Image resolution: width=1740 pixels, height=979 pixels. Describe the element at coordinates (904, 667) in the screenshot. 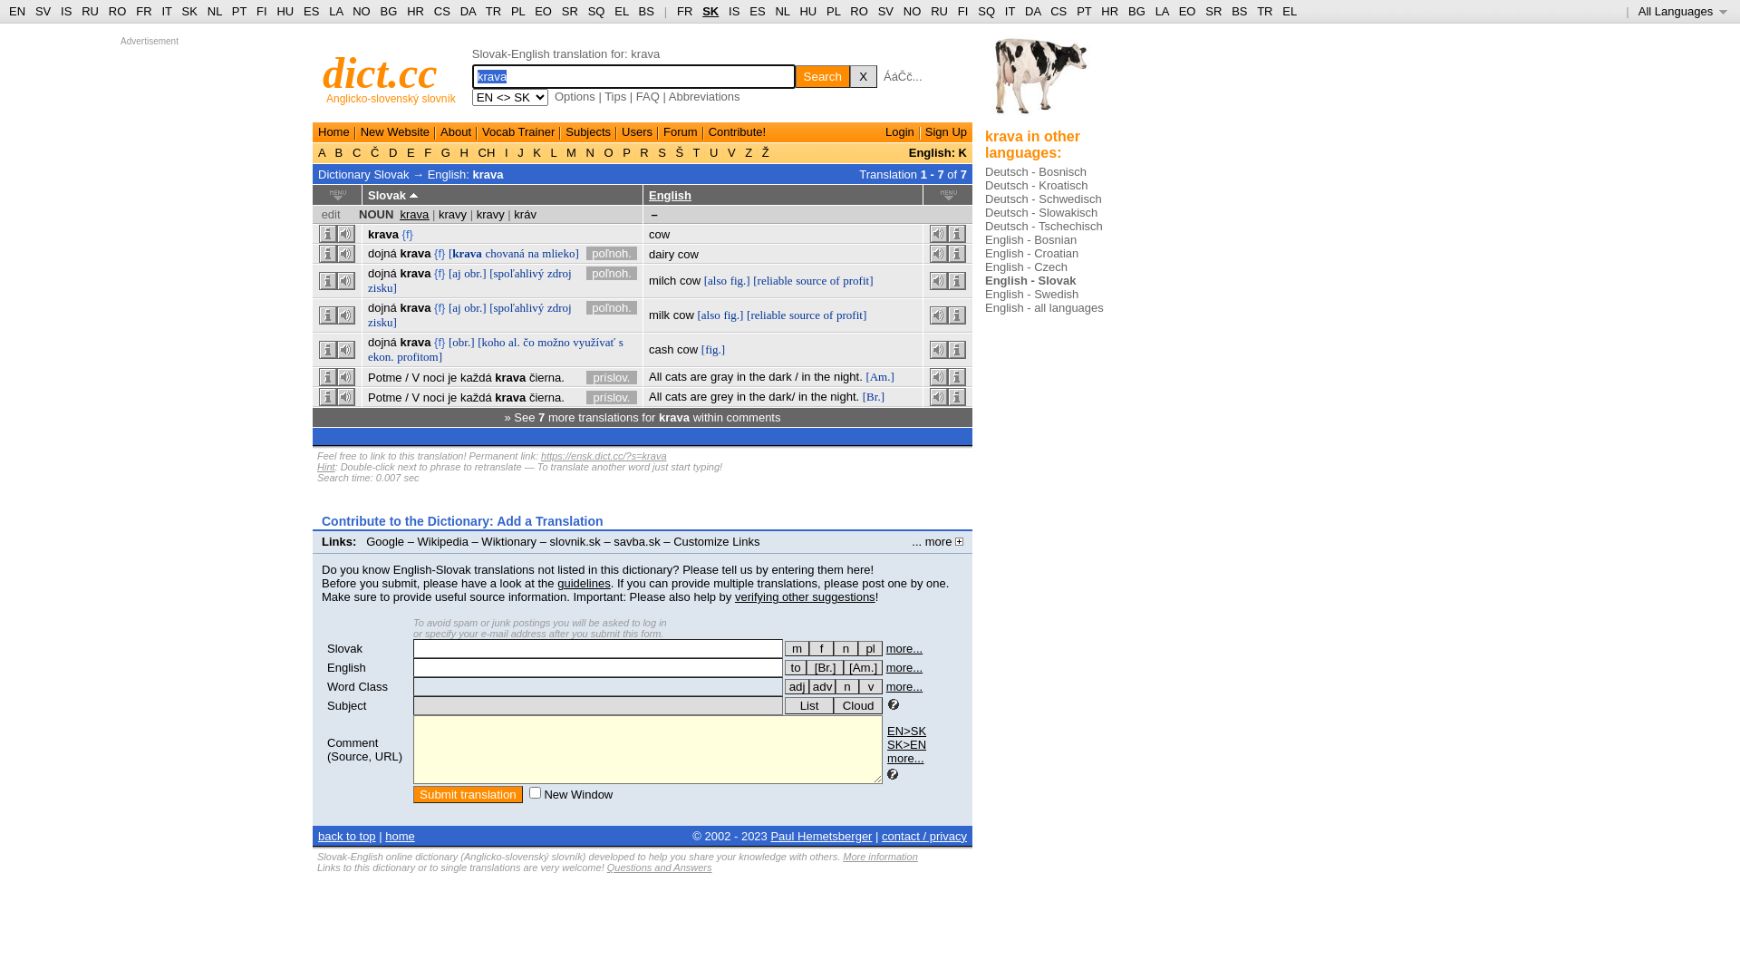

I see `'more...'` at that location.